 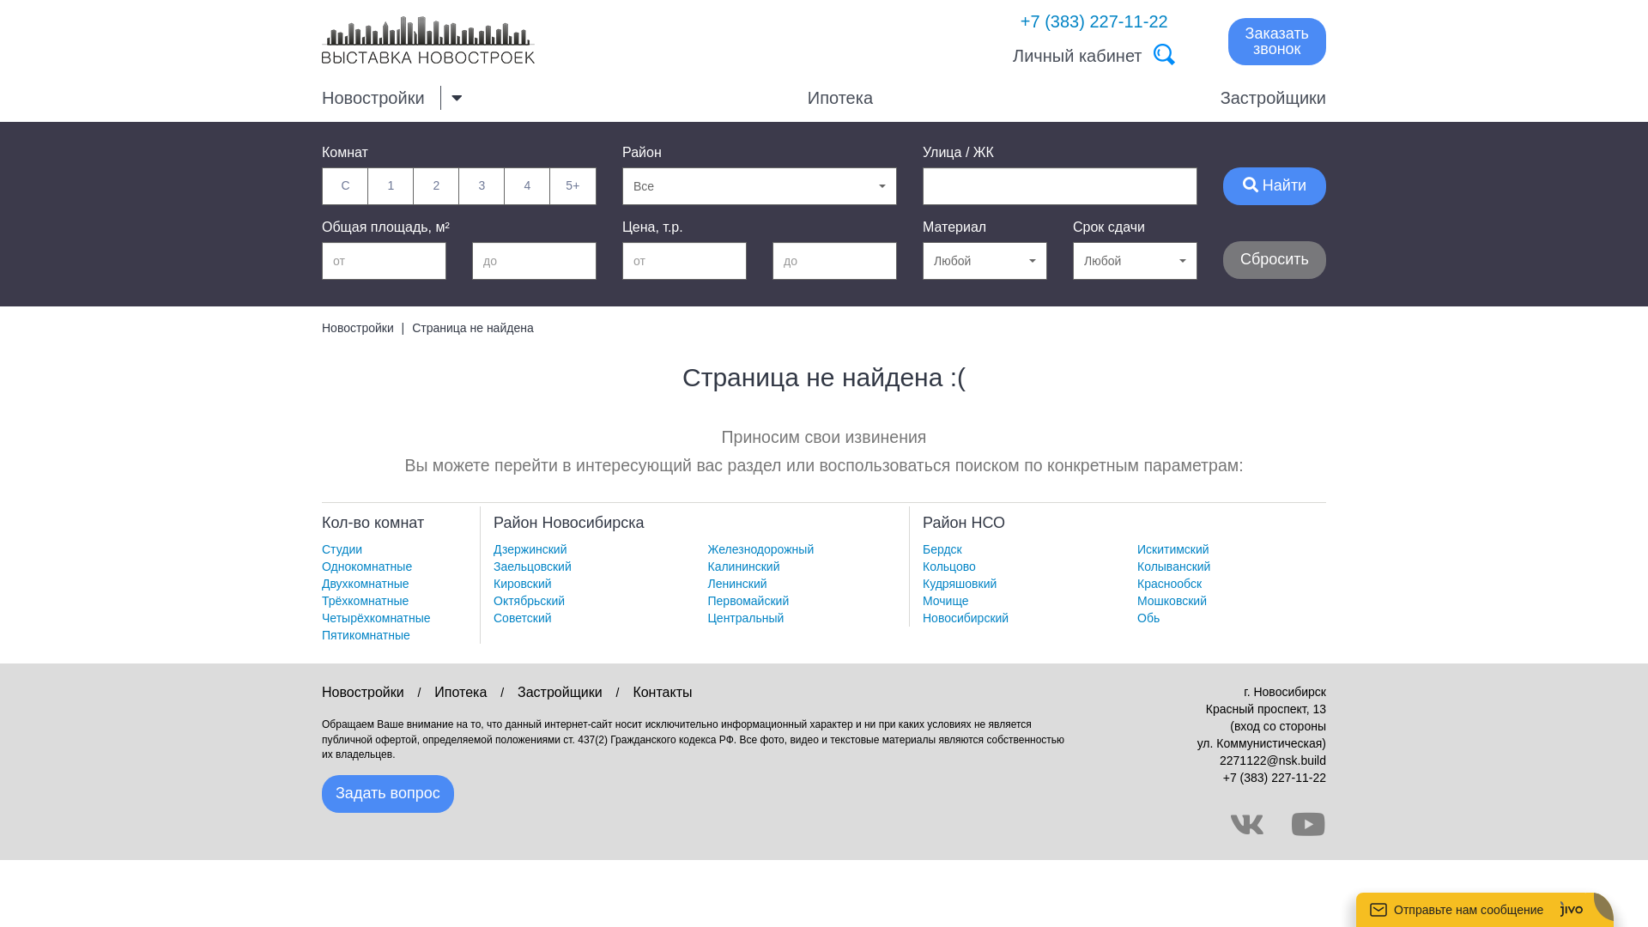 I want to click on '2271122@nsk.build', so click(x=1273, y=760).